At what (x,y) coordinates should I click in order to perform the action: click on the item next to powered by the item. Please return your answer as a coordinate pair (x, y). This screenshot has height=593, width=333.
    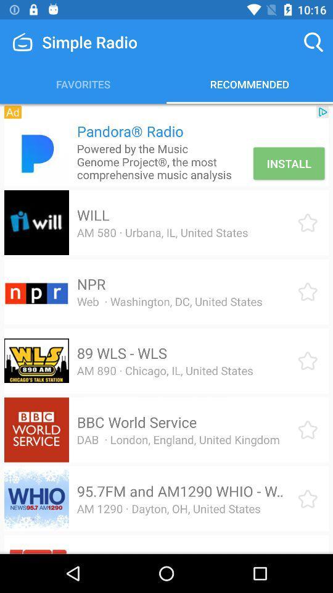
    Looking at the image, I should click on (289, 162).